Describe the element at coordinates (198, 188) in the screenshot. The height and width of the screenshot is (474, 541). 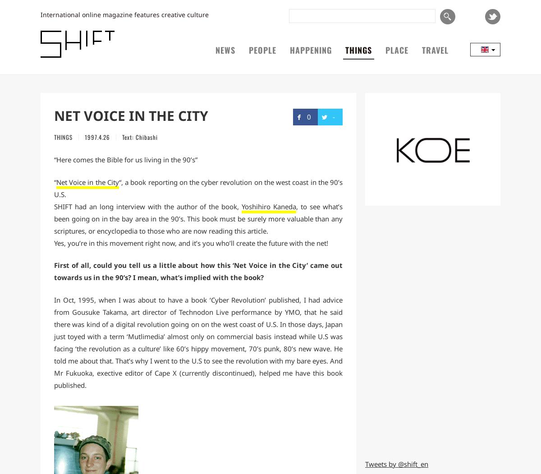
I see `'“, a book reporting on the cyber revolution on the west coast in the 90’s U.S.'` at that location.